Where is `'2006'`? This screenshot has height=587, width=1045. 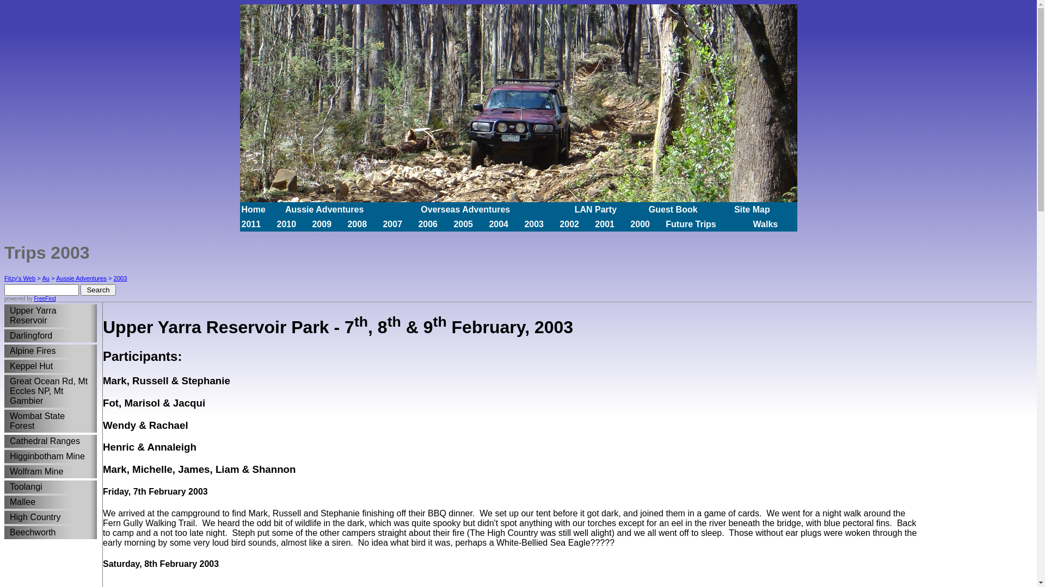
'2006' is located at coordinates (427, 223).